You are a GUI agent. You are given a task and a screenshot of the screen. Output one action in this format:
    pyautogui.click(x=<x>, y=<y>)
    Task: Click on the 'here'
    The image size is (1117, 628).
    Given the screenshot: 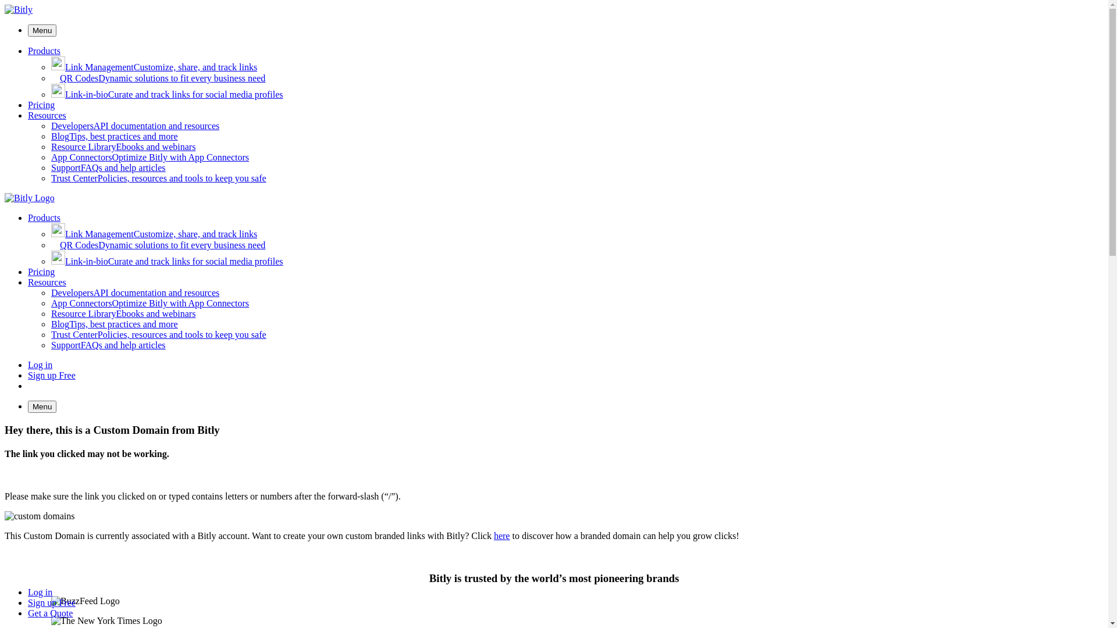 What is the action you would take?
    pyautogui.click(x=502, y=536)
    